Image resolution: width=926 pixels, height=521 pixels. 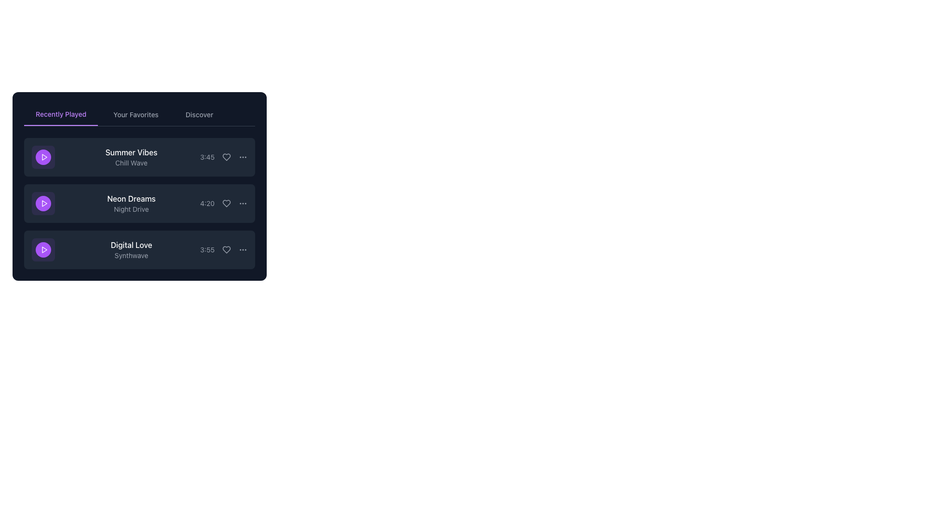 What do you see at coordinates (139, 114) in the screenshot?
I see `the 'Your Favorites' tab in the navigation bar` at bounding box center [139, 114].